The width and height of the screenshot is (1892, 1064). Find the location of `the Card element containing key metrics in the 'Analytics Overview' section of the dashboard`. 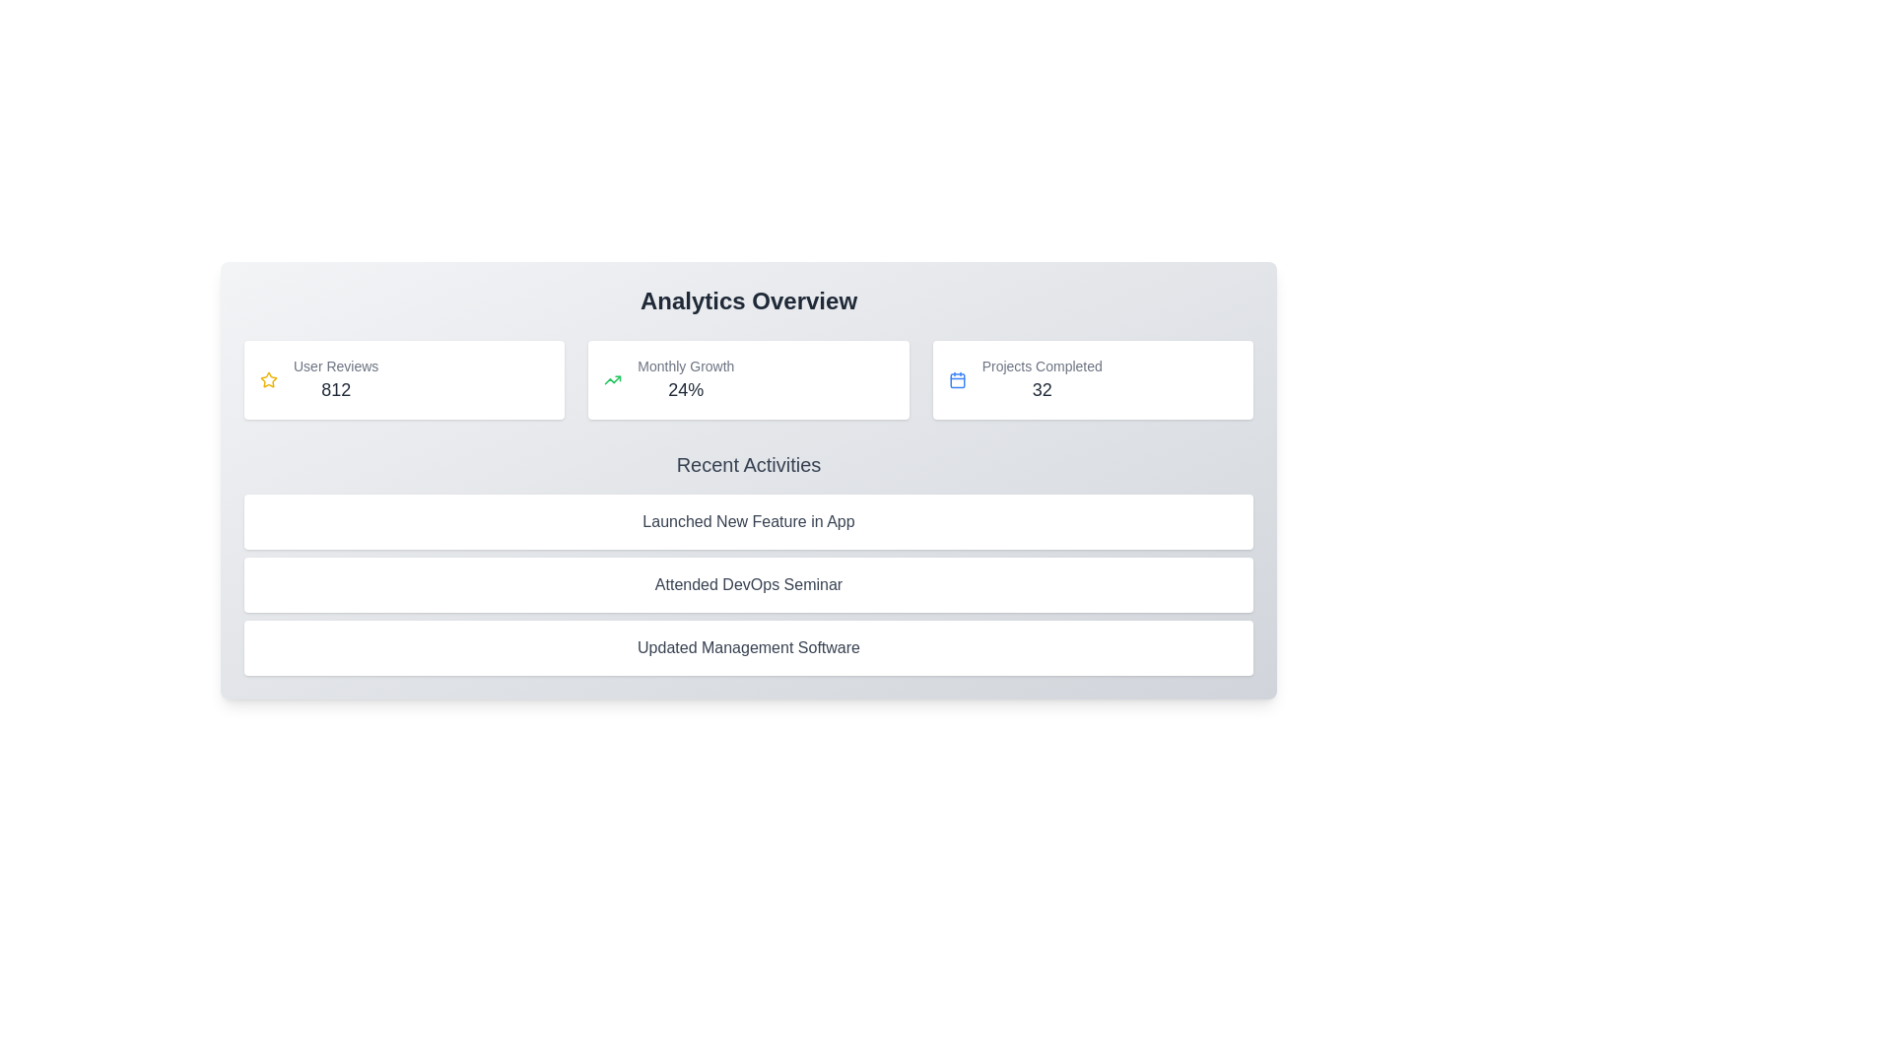

the Card element containing key metrics in the 'Analytics Overview' section of the dashboard is located at coordinates (747, 379).